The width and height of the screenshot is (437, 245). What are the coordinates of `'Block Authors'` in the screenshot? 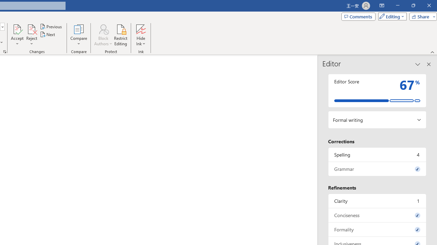 It's located at (103, 29).